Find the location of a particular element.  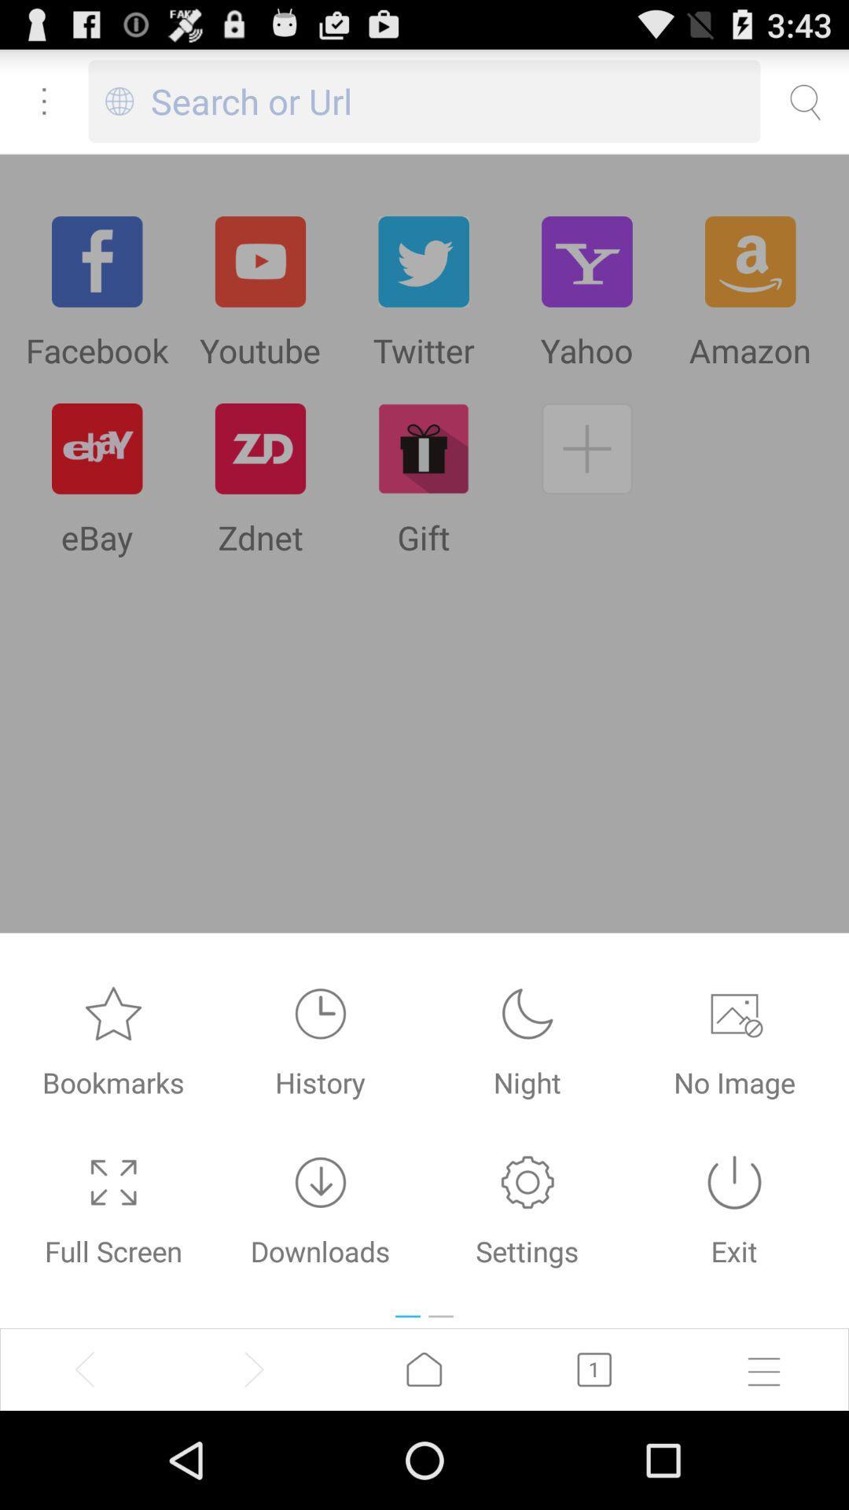

the exit icon below no image is located at coordinates (734, 1182).